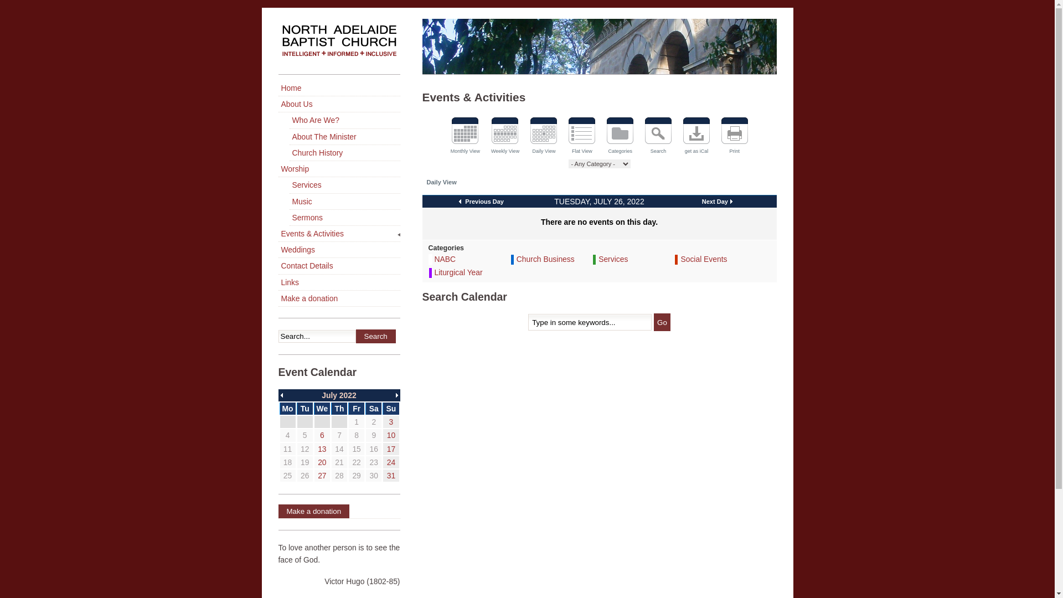 This screenshot has width=1063, height=598. I want to click on '27', so click(321, 475).